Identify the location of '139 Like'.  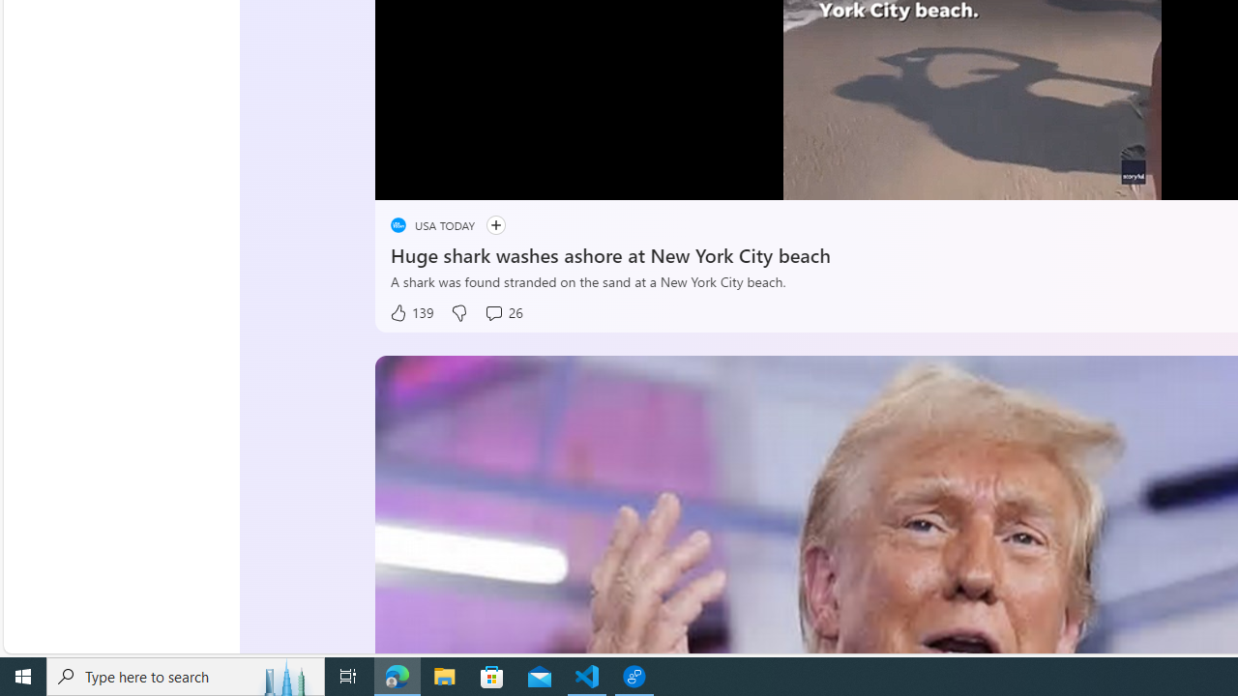
(410, 312).